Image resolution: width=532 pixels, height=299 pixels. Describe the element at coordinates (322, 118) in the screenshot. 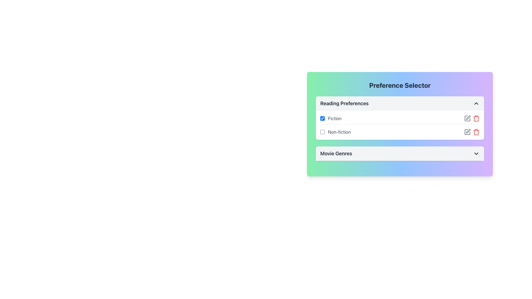

I see `the checkbox with a blue checkmark located to the left of the label 'Fiction' in the 'Reading Preferences' section` at that location.